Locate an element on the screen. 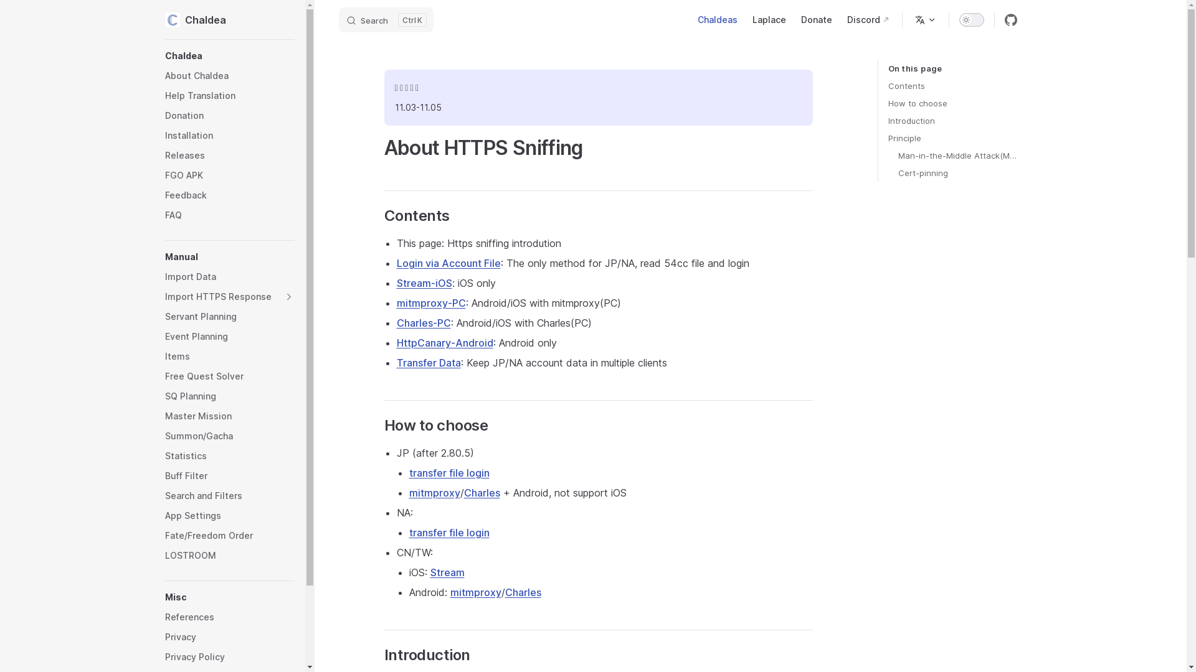 This screenshot has width=1196, height=672. 'mitmproxy' is located at coordinates (434, 492).